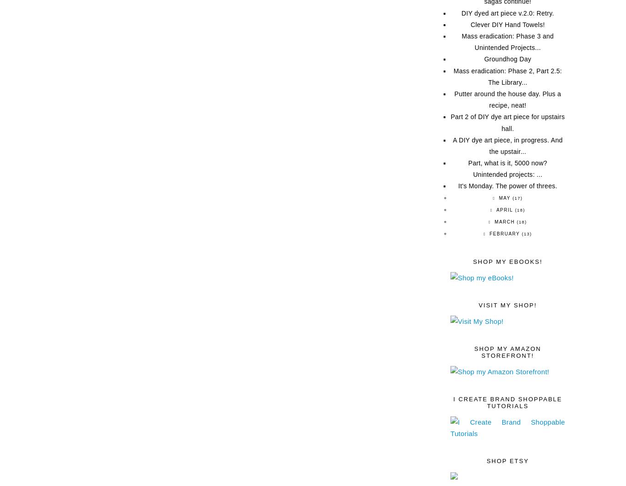 The height and width of the screenshot is (486, 626). I want to click on 'Mass eradication:  Phase 2, Part 2.5:  The Library...', so click(453, 76).